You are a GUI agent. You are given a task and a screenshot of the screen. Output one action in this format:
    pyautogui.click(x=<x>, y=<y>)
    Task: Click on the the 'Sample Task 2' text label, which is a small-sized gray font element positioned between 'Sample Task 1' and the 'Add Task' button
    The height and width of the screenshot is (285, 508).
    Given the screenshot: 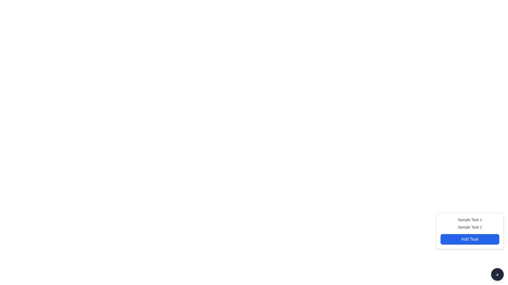 What is the action you would take?
    pyautogui.click(x=470, y=227)
    